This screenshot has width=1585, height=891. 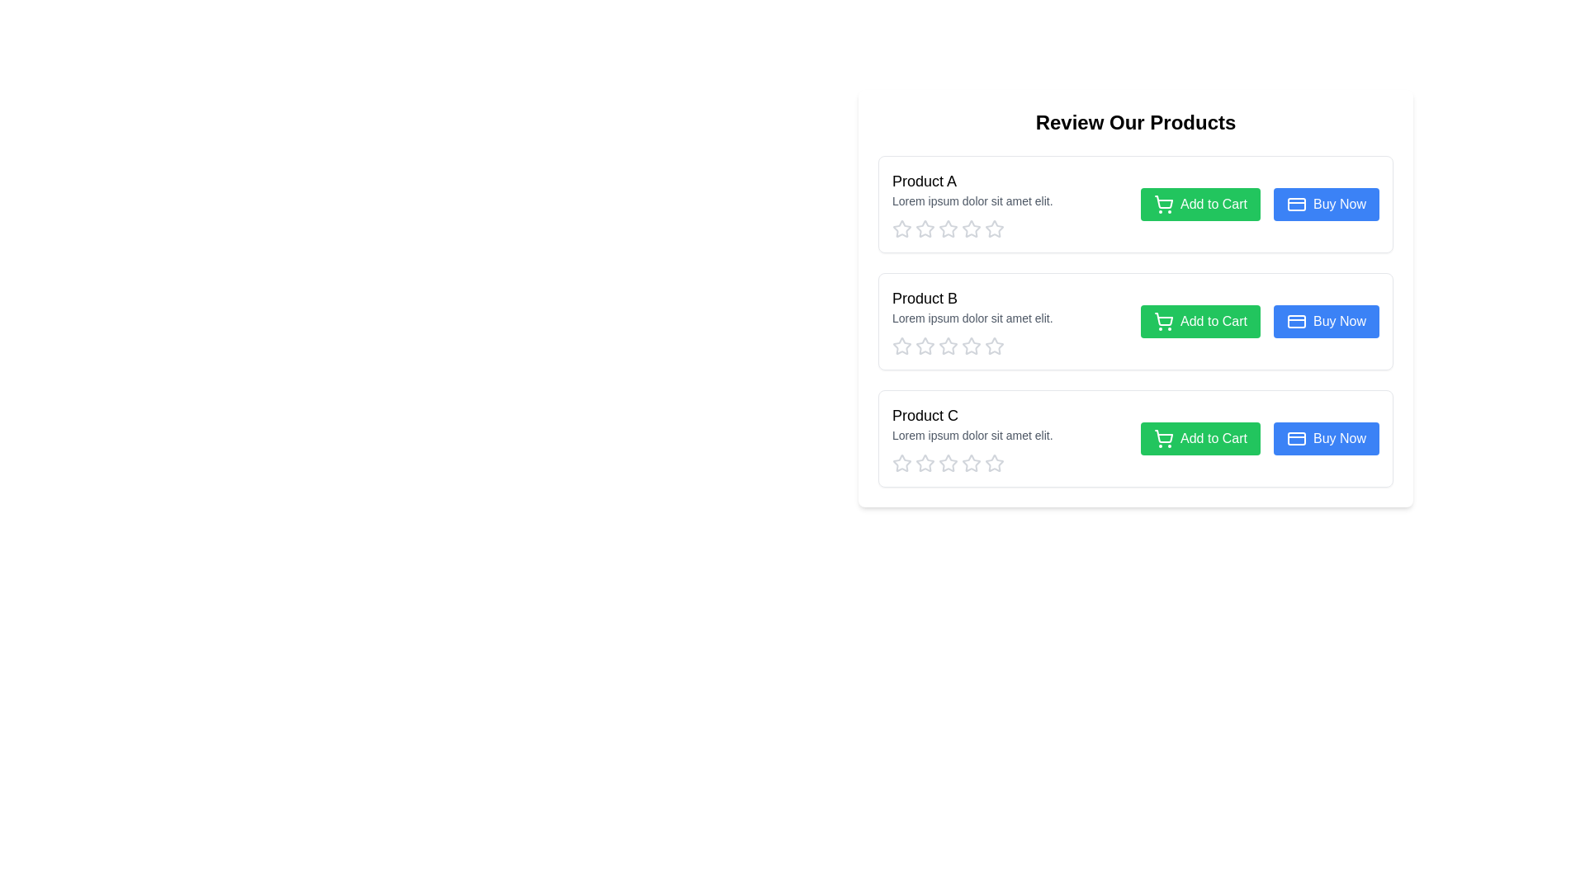 I want to click on the green 'Add to Cart' button icon representing a shopping cart, which is centered within the button of the first product listing, so click(x=1163, y=201).